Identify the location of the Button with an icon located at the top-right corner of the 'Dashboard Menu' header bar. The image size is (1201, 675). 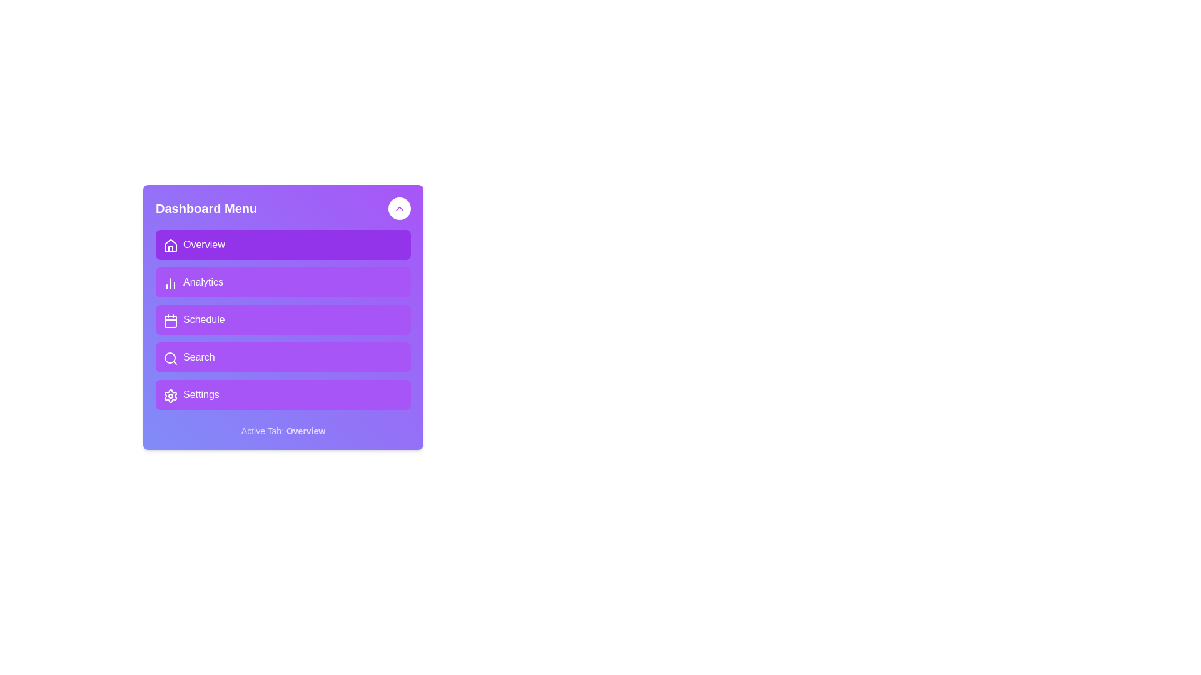
(398, 208).